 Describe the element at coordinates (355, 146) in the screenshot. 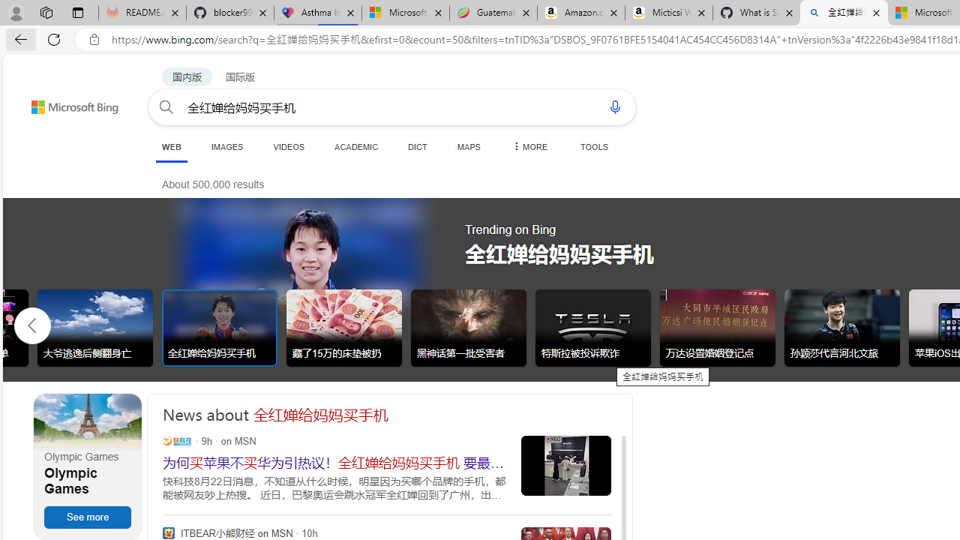

I see `'ACADEMIC'` at that location.